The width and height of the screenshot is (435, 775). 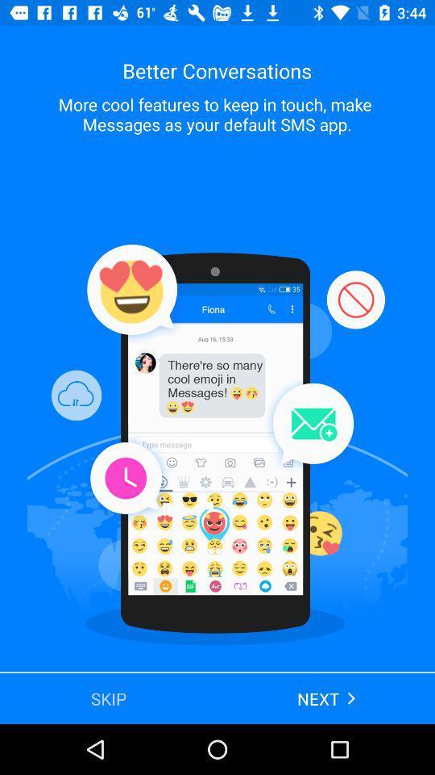 I want to click on the item to the left of next icon, so click(x=109, y=697).